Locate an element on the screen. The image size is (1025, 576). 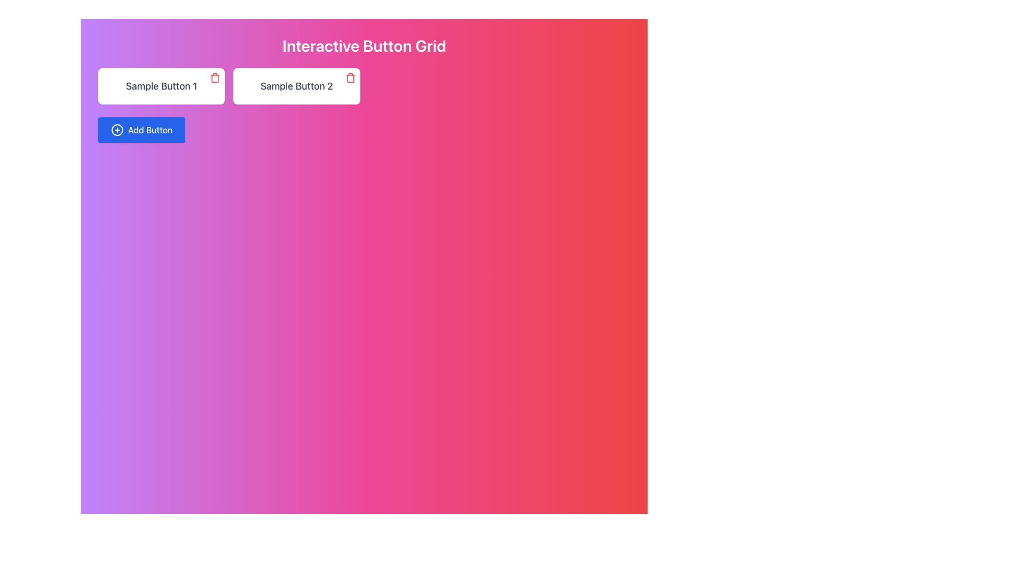
the delete button located in the top-right corner of the 'Sample Button 2' card is located at coordinates (350, 77).